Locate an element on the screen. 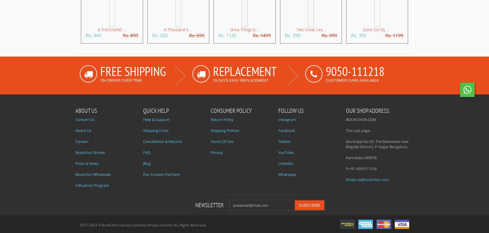 The image size is (489, 233). 'Return Policy' is located at coordinates (222, 119).